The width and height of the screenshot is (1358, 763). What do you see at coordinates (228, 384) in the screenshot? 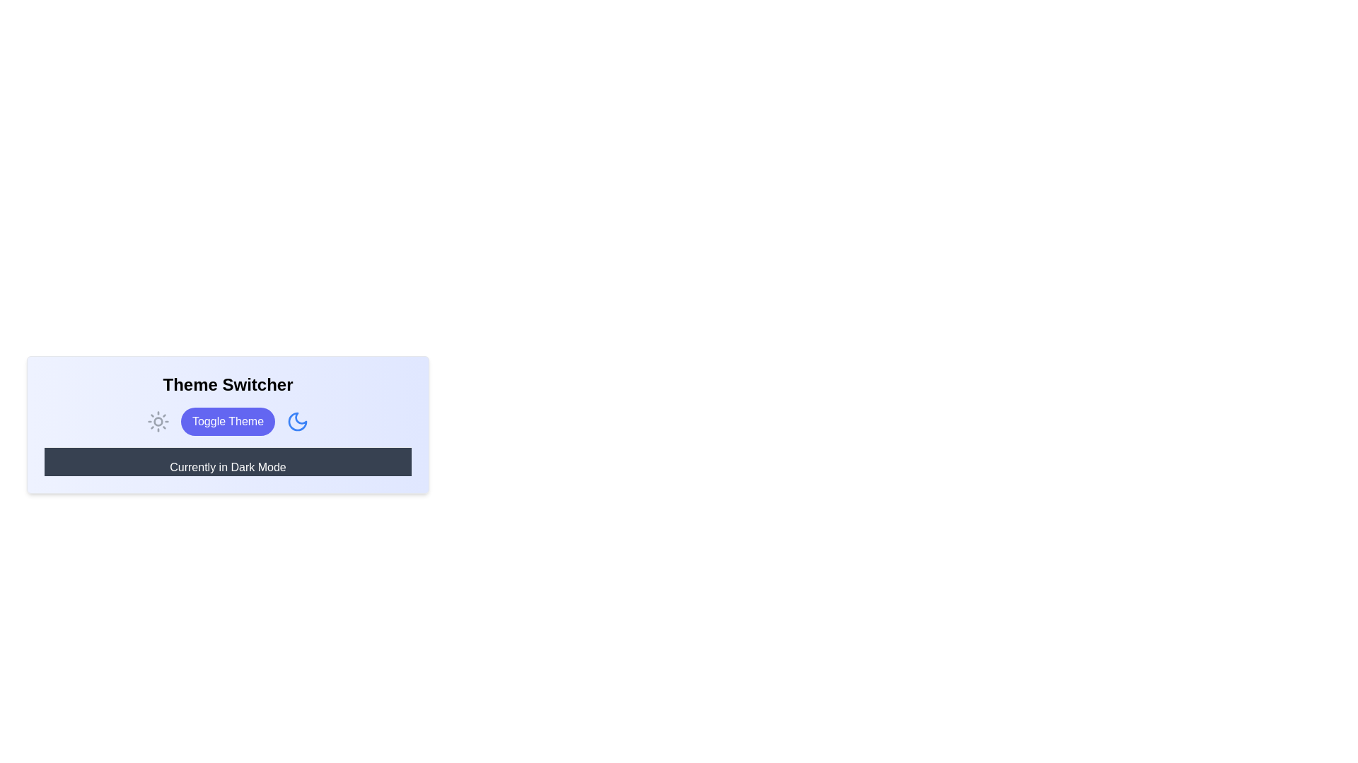
I see `the 'Theme Switcher' static text element, which displays the text in a bold and large font style, located at the top of a card with a gradient background` at bounding box center [228, 384].